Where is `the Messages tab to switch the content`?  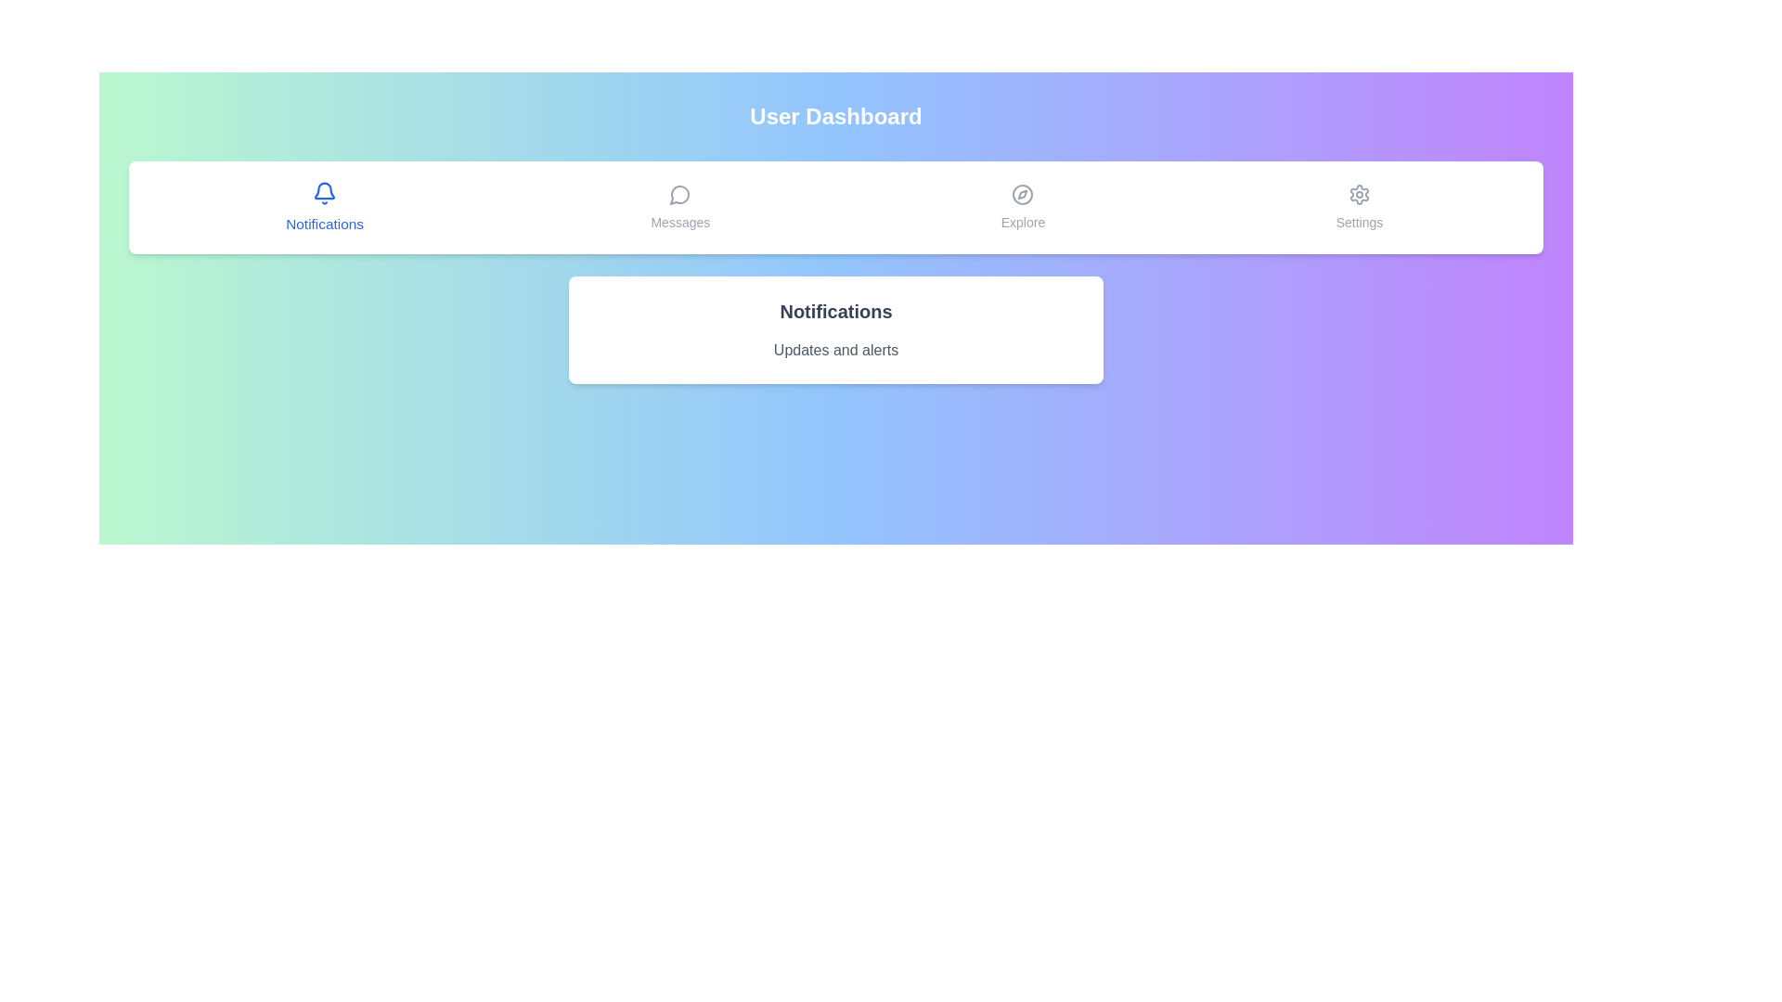
the Messages tab to switch the content is located at coordinates (679, 207).